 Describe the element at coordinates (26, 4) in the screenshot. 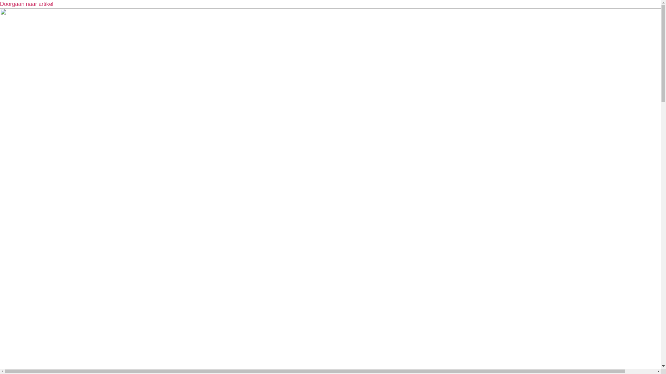

I see `'Doorgaan naar artikel'` at that location.